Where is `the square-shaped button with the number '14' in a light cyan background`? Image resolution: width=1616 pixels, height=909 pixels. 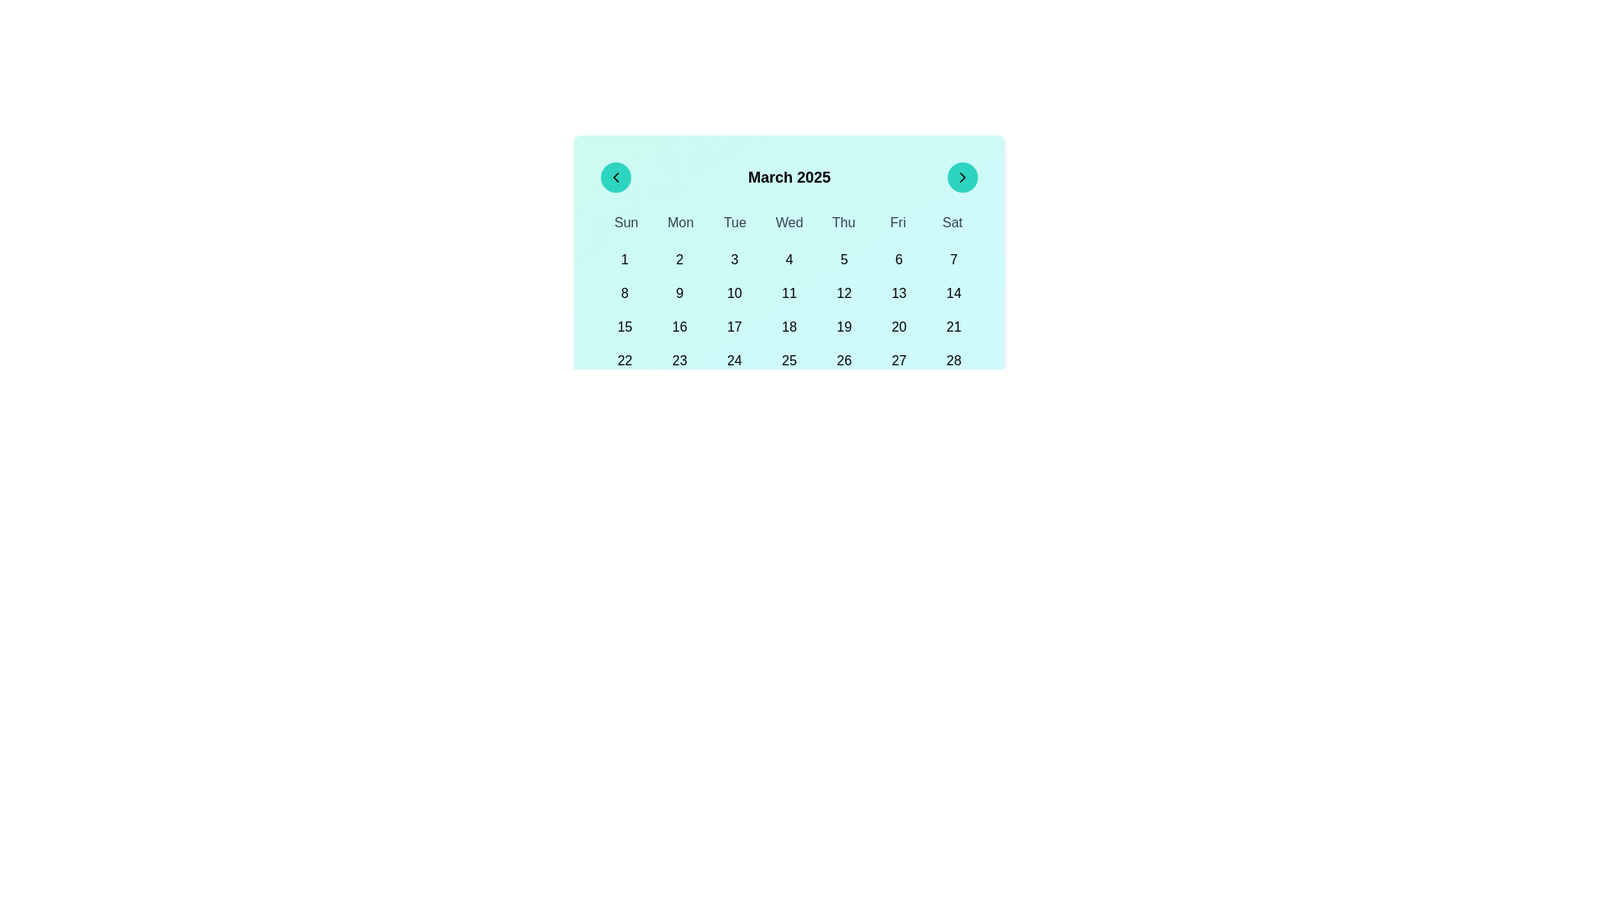
the square-shaped button with the number '14' in a light cyan background is located at coordinates (954, 292).